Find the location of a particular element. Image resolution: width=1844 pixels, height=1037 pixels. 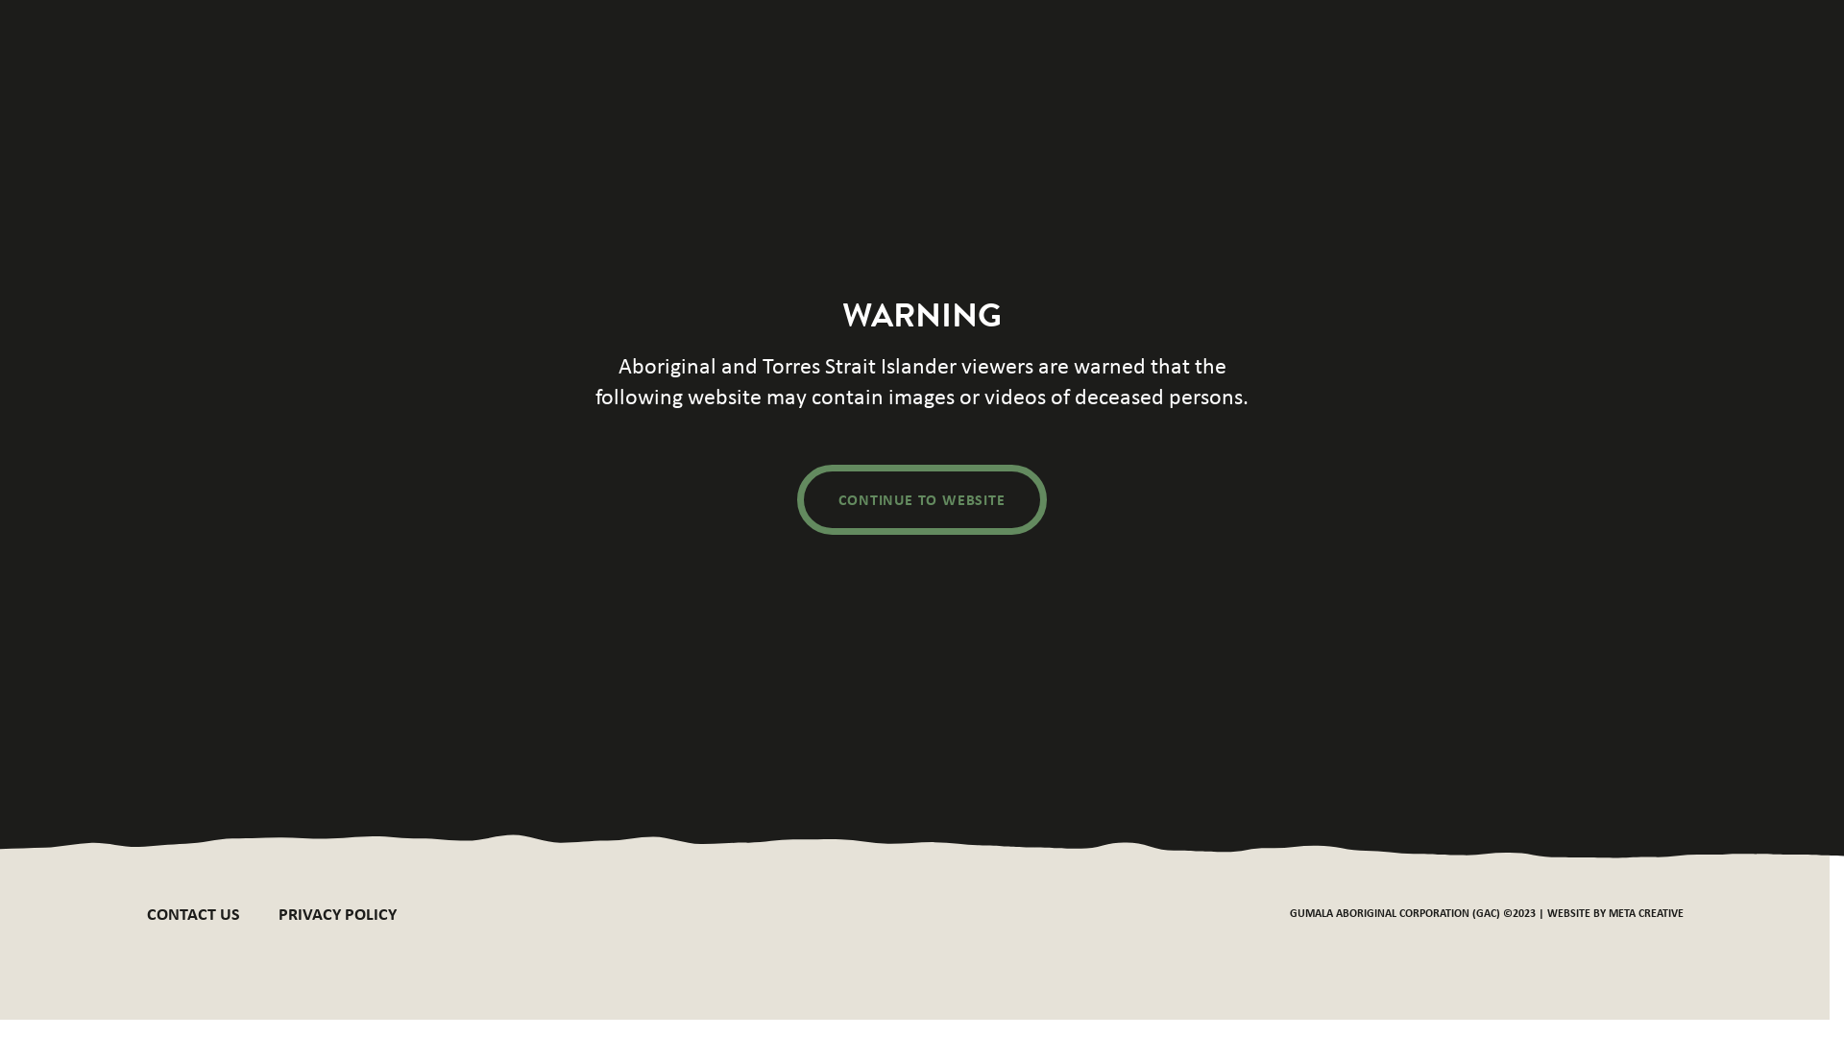

'CONTINUE TO WEBSITE' is located at coordinates (922, 498).